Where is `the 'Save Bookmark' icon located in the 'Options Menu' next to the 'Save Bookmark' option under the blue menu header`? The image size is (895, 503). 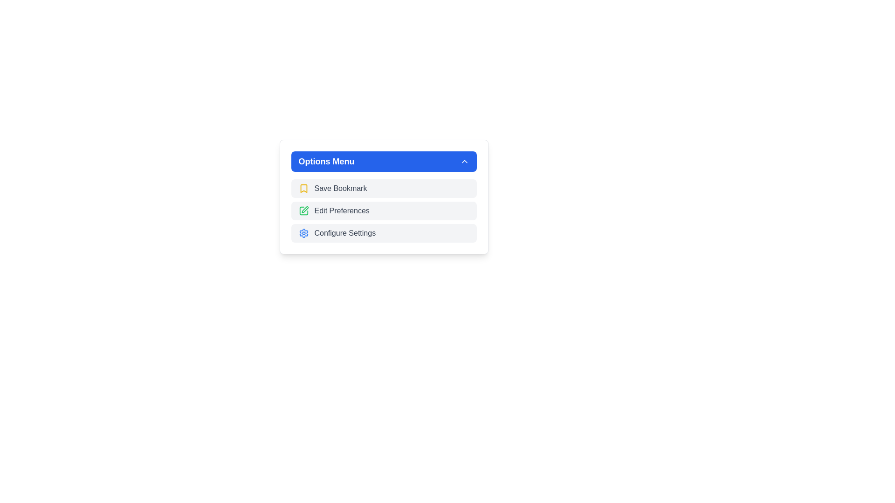 the 'Save Bookmark' icon located in the 'Options Menu' next to the 'Save Bookmark' option under the blue menu header is located at coordinates (303, 189).